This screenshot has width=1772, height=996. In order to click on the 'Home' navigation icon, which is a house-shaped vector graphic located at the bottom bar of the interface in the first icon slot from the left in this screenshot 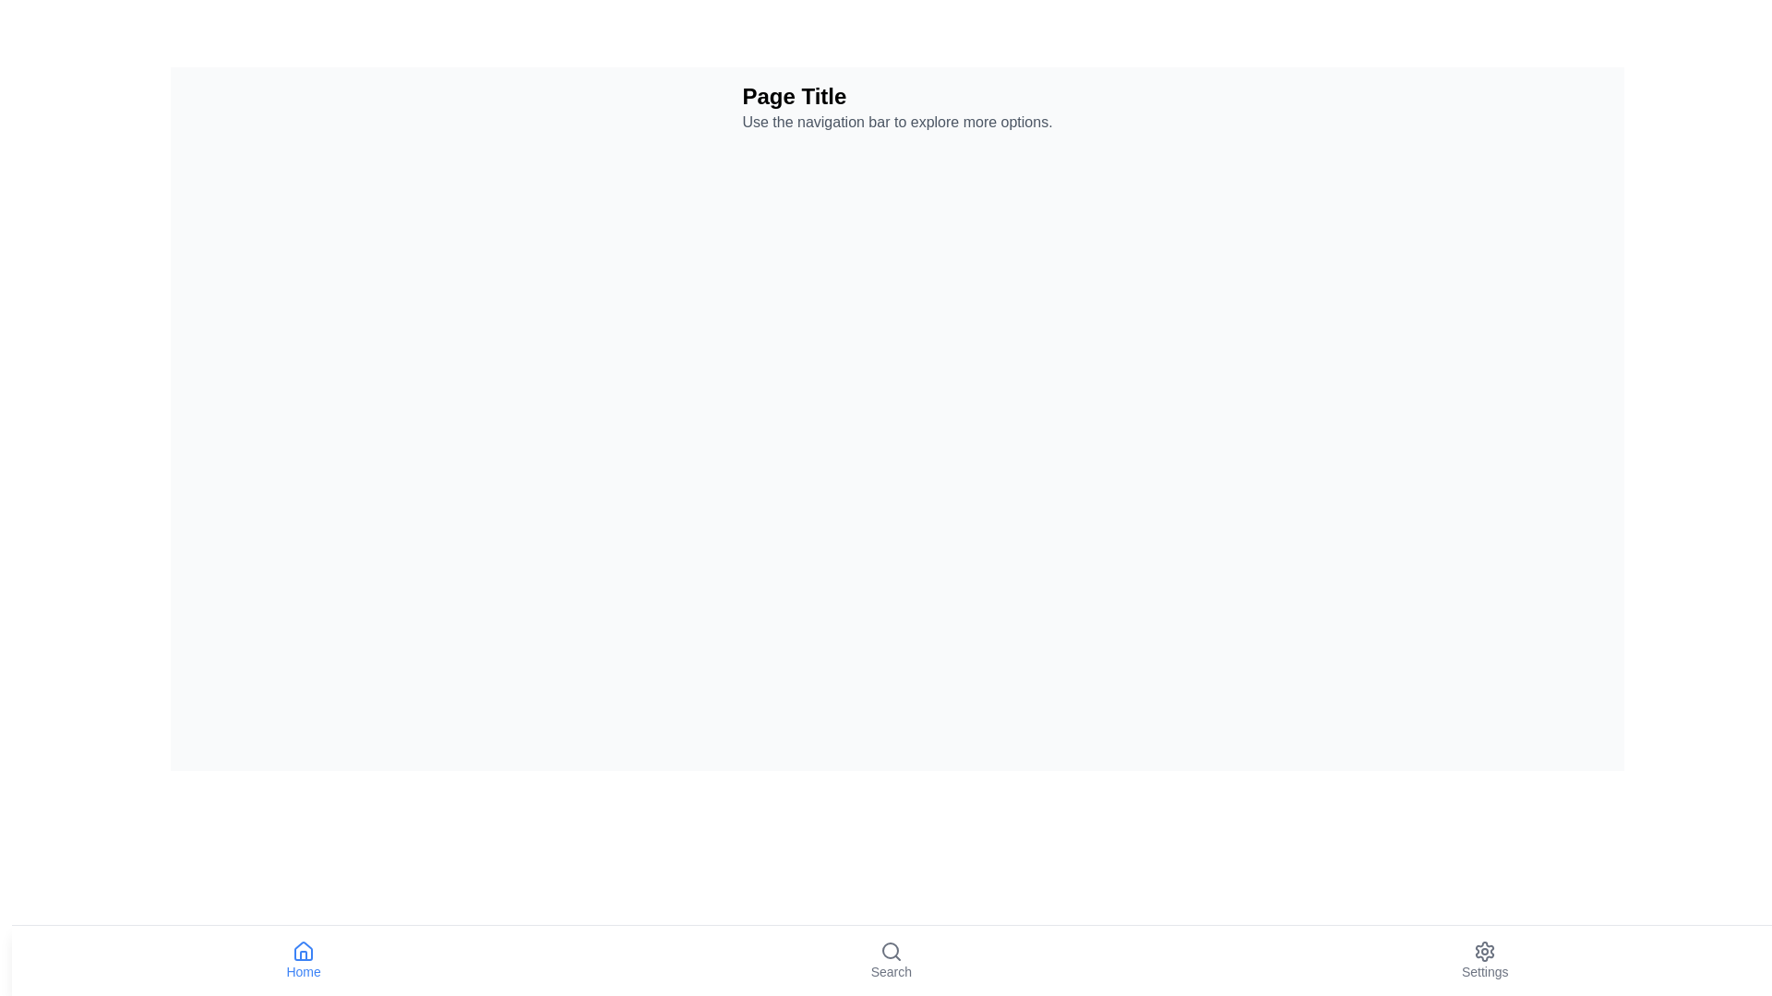, I will do `click(304, 951)`.